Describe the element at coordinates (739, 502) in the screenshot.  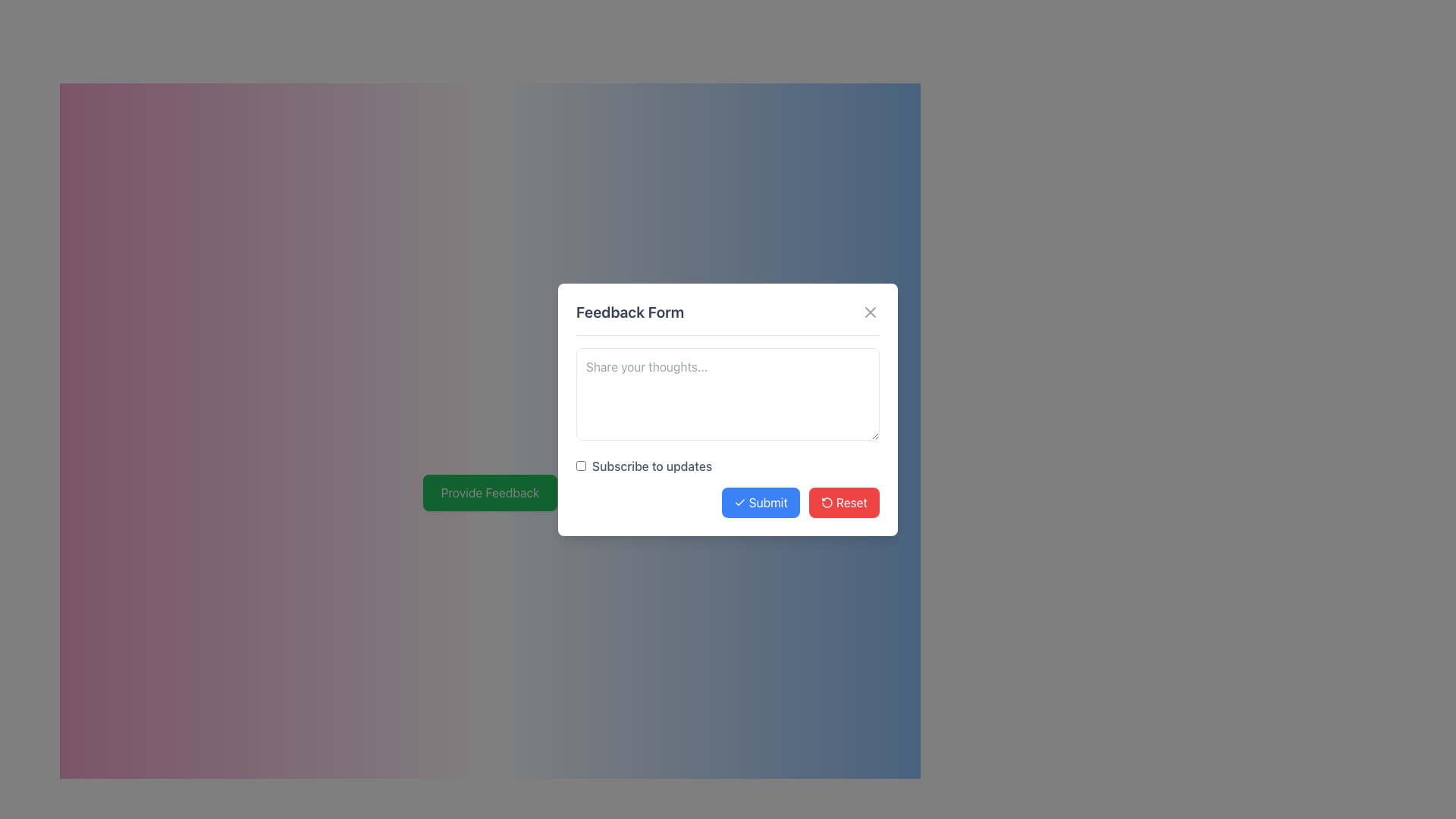
I see `the checkmark icon located within the blue 'Submit' button at the center of the button in the dialog box's footer` at that location.